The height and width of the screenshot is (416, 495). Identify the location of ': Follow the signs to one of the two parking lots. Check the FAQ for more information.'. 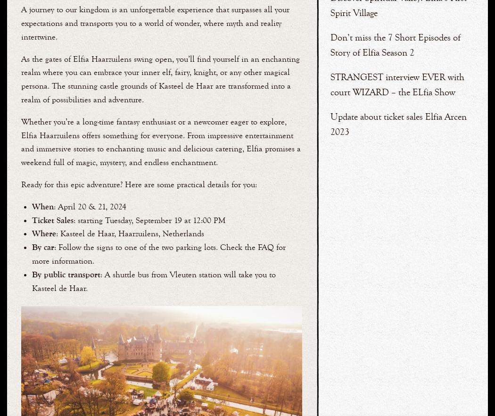
(158, 253).